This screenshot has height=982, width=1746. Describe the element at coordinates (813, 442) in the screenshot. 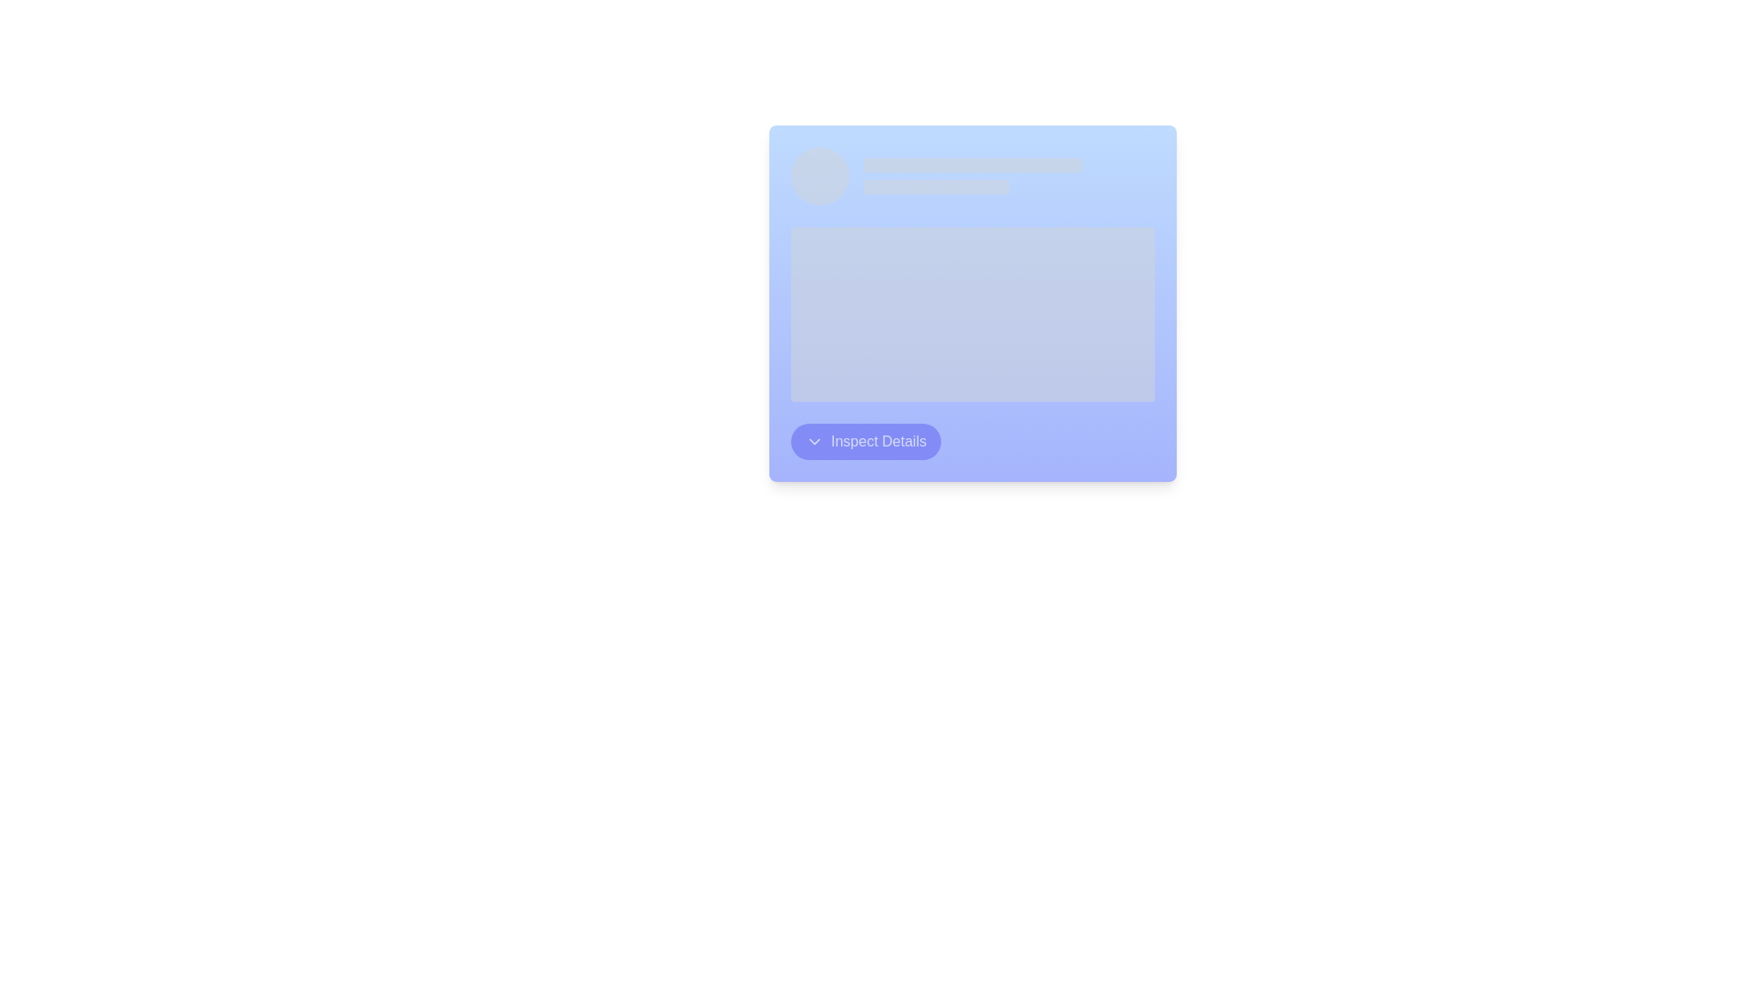

I see `the chevron-down indicator icon located to the left of the text within the 'Inspect Details' button, which is positioned in the lower-right section of its card element with a blue gradient background` at that location.